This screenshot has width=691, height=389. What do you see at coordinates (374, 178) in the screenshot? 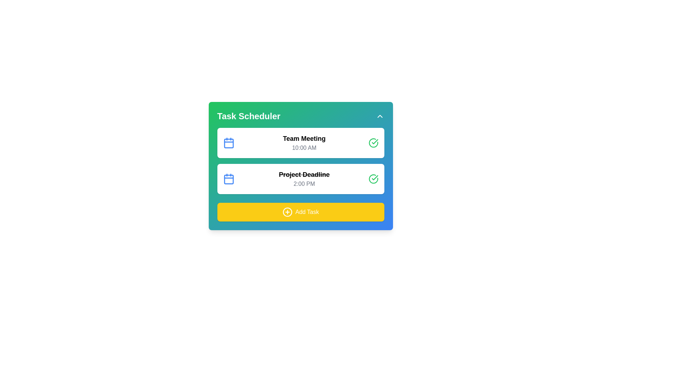
I see `the SVG Checkmark Icon, which indicates task completion for the 'Team Meeting' in the task scheduler interface` at bounding box center [374, 178].